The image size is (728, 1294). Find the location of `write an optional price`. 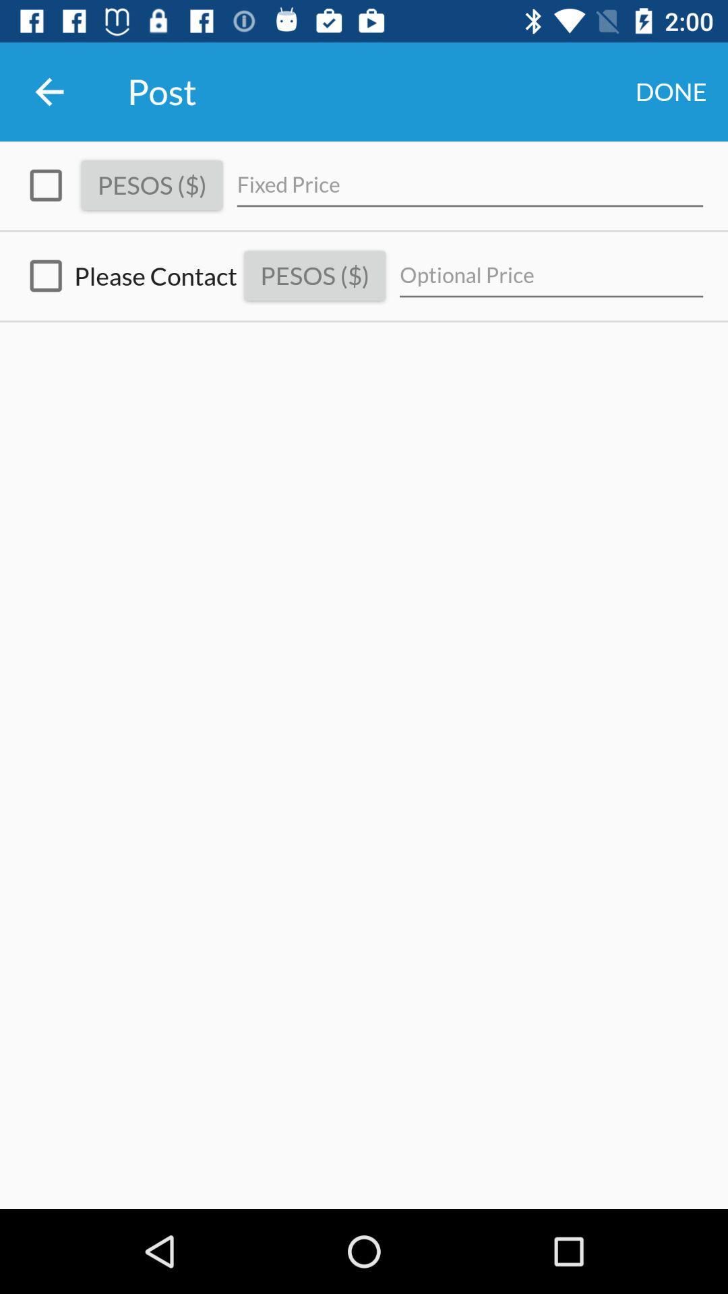

write an optional price is located at coordinates (551, 275).